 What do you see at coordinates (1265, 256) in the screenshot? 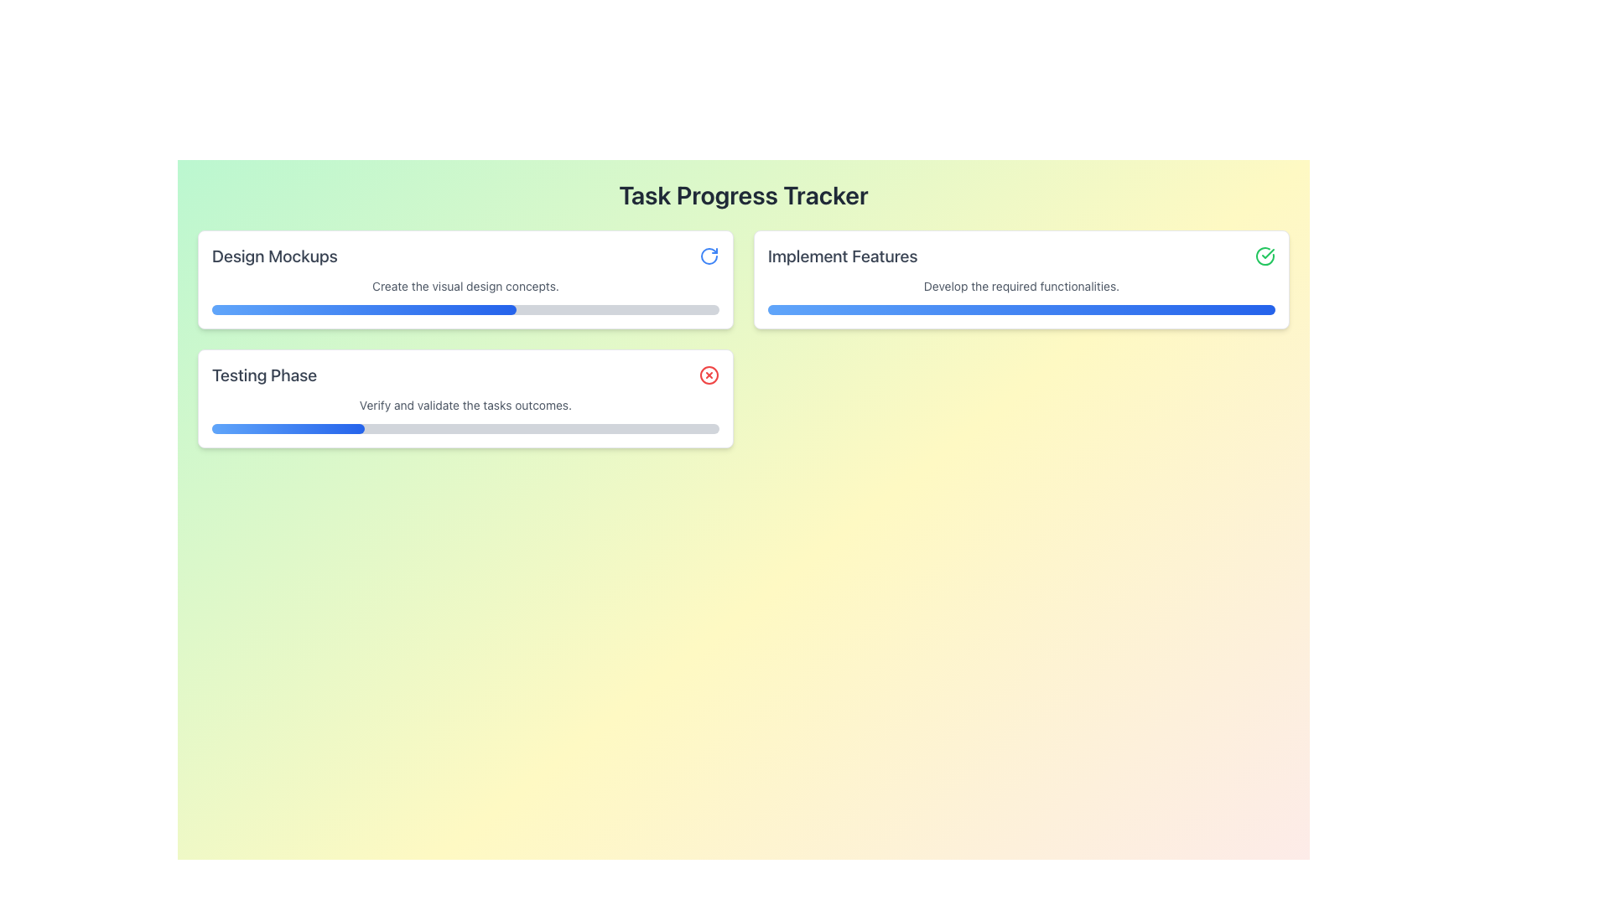
I see `the circular icon with a green border and a checkmark inside, located at the top-right corner of the task card labeled 'Implement Features'` at bounding box center [1265, 256].